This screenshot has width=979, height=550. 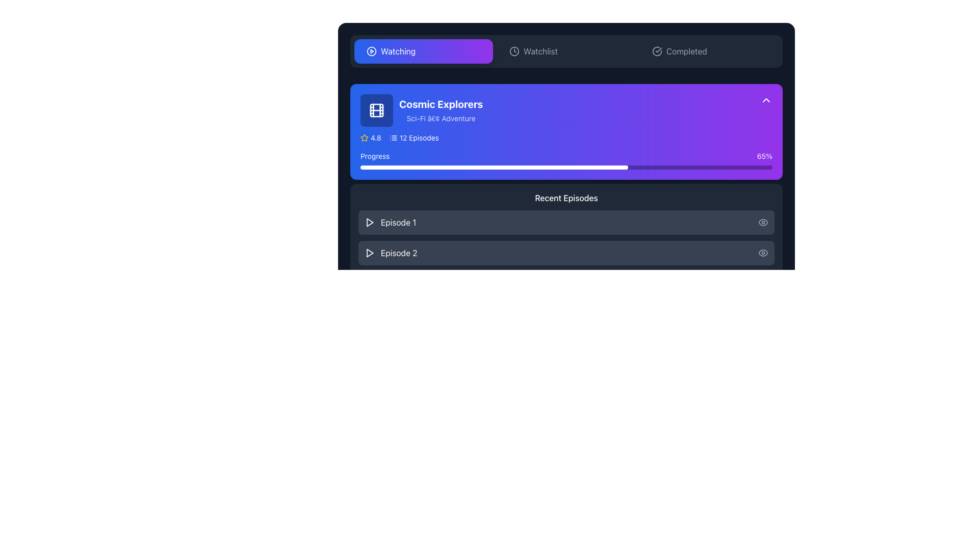 What do you see at coordinates (371, 51) in the screenshot?
I see `the outer circular border of the SVG icon located on the application's top navigation bar, which is to the left of the 'Watching' tab` at bounding box center [371, 51].